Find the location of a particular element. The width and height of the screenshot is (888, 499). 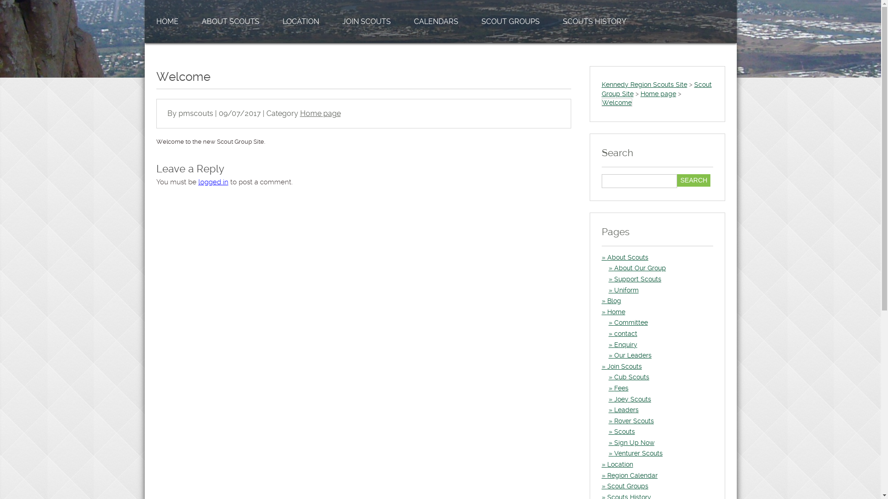

'Enquiry' is located at coordinates (623, 344).